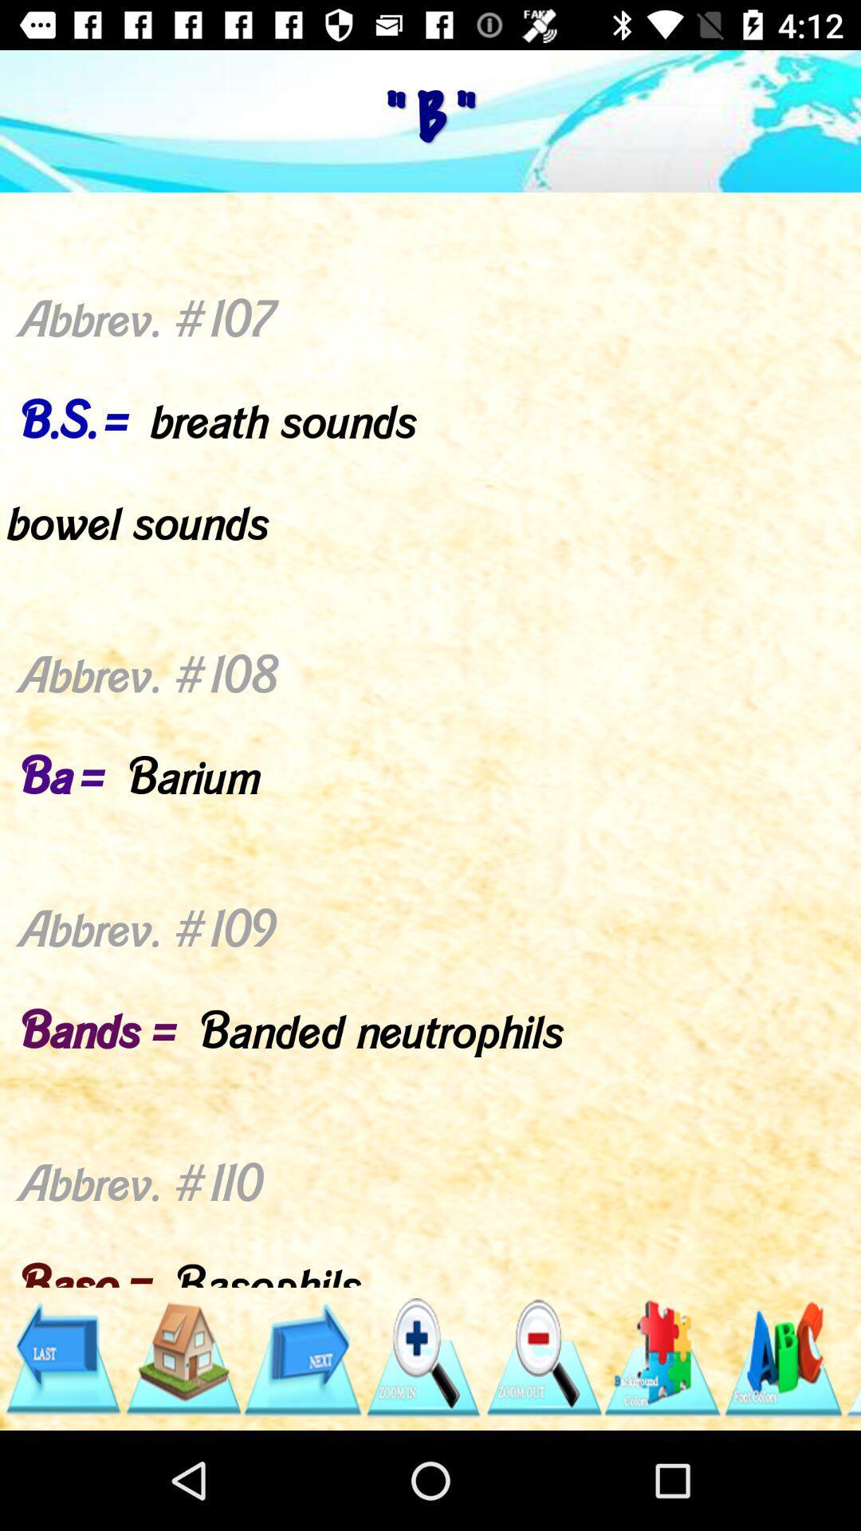 The image size is (861, 1531). I want to click on next navigation, so click(302, 1357).